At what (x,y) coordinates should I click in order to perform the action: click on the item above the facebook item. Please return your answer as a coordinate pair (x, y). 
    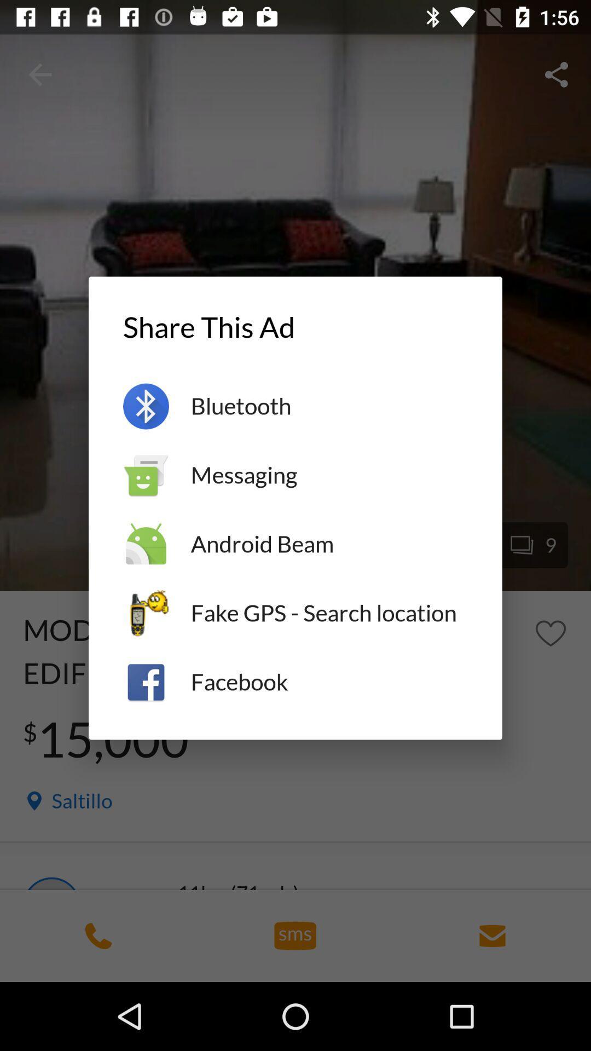
    Looking at the image, I should click on (328, 613).